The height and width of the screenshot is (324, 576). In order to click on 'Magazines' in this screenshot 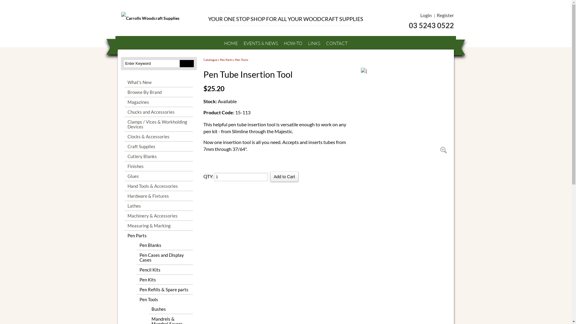, I will do `click(158, 101)`.